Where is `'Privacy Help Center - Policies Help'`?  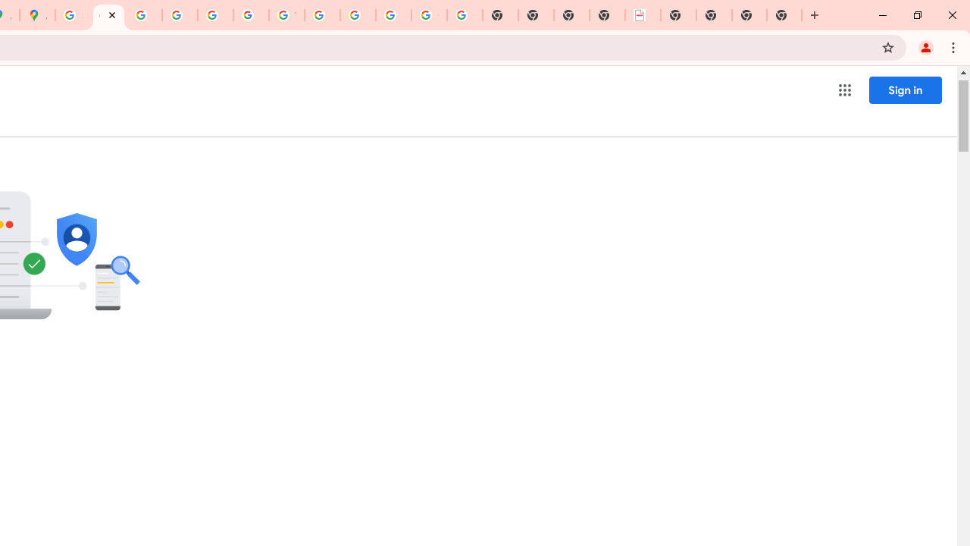 'Privacy Help Center - Policies Help' is located at coordinates (180, 15).